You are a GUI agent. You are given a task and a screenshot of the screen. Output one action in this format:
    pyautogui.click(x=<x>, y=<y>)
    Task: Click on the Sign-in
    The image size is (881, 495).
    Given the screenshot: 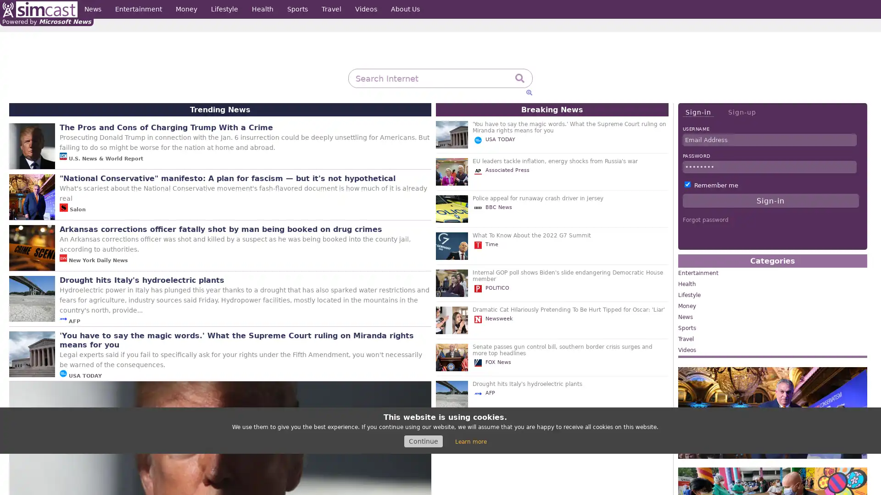 What is the action you would take?
    pyautogui.click(x=770, y=200)
    